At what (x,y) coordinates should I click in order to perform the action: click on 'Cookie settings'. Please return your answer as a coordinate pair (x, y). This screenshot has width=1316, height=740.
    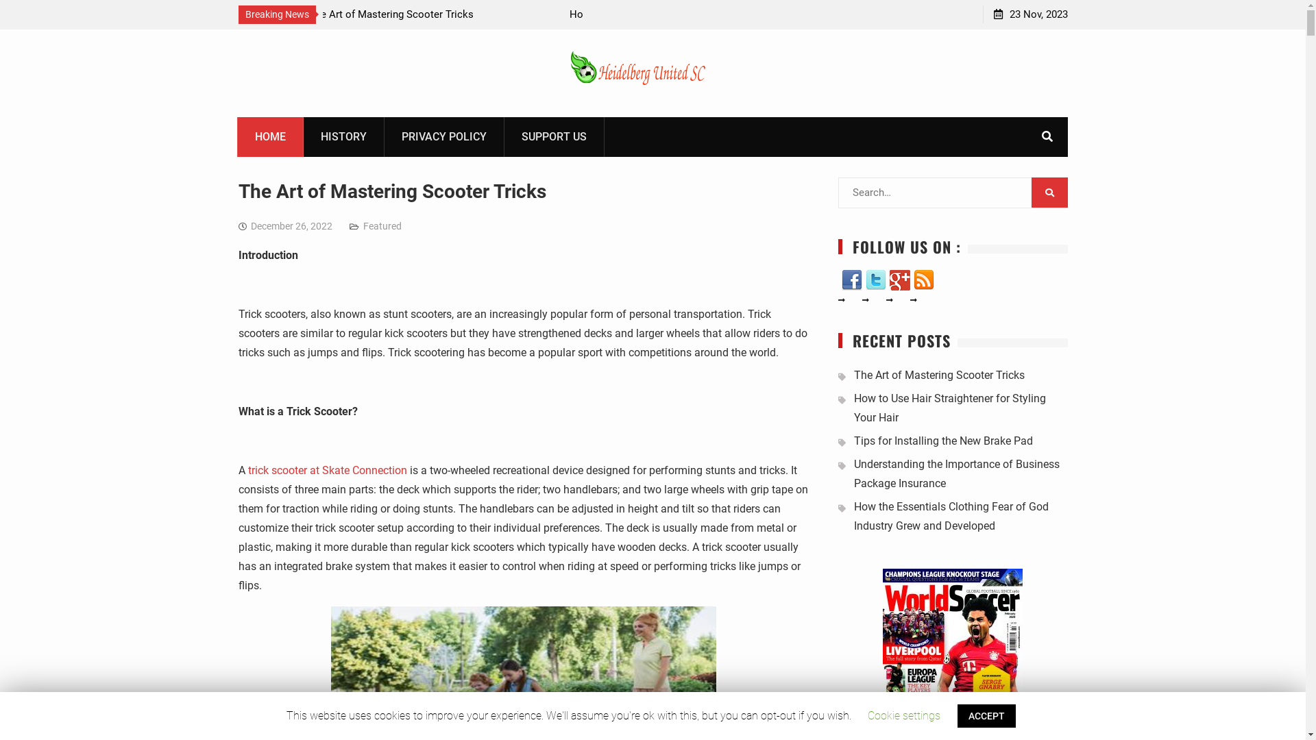
    Looking at the image, I should click on (904, 715).